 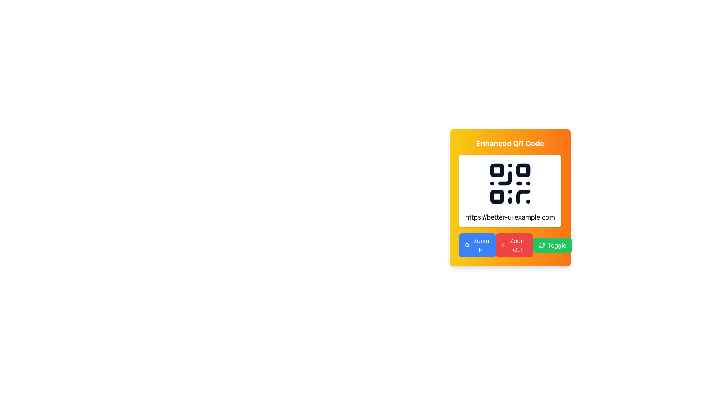 I want to click on the 'Zoom In' button located at the bottom-left corner of the panel containing the QR code, which is the first button in a horizontal group of buttons that includes 'Zoom Out' and 'Toggle', so click(x=477, y=245).